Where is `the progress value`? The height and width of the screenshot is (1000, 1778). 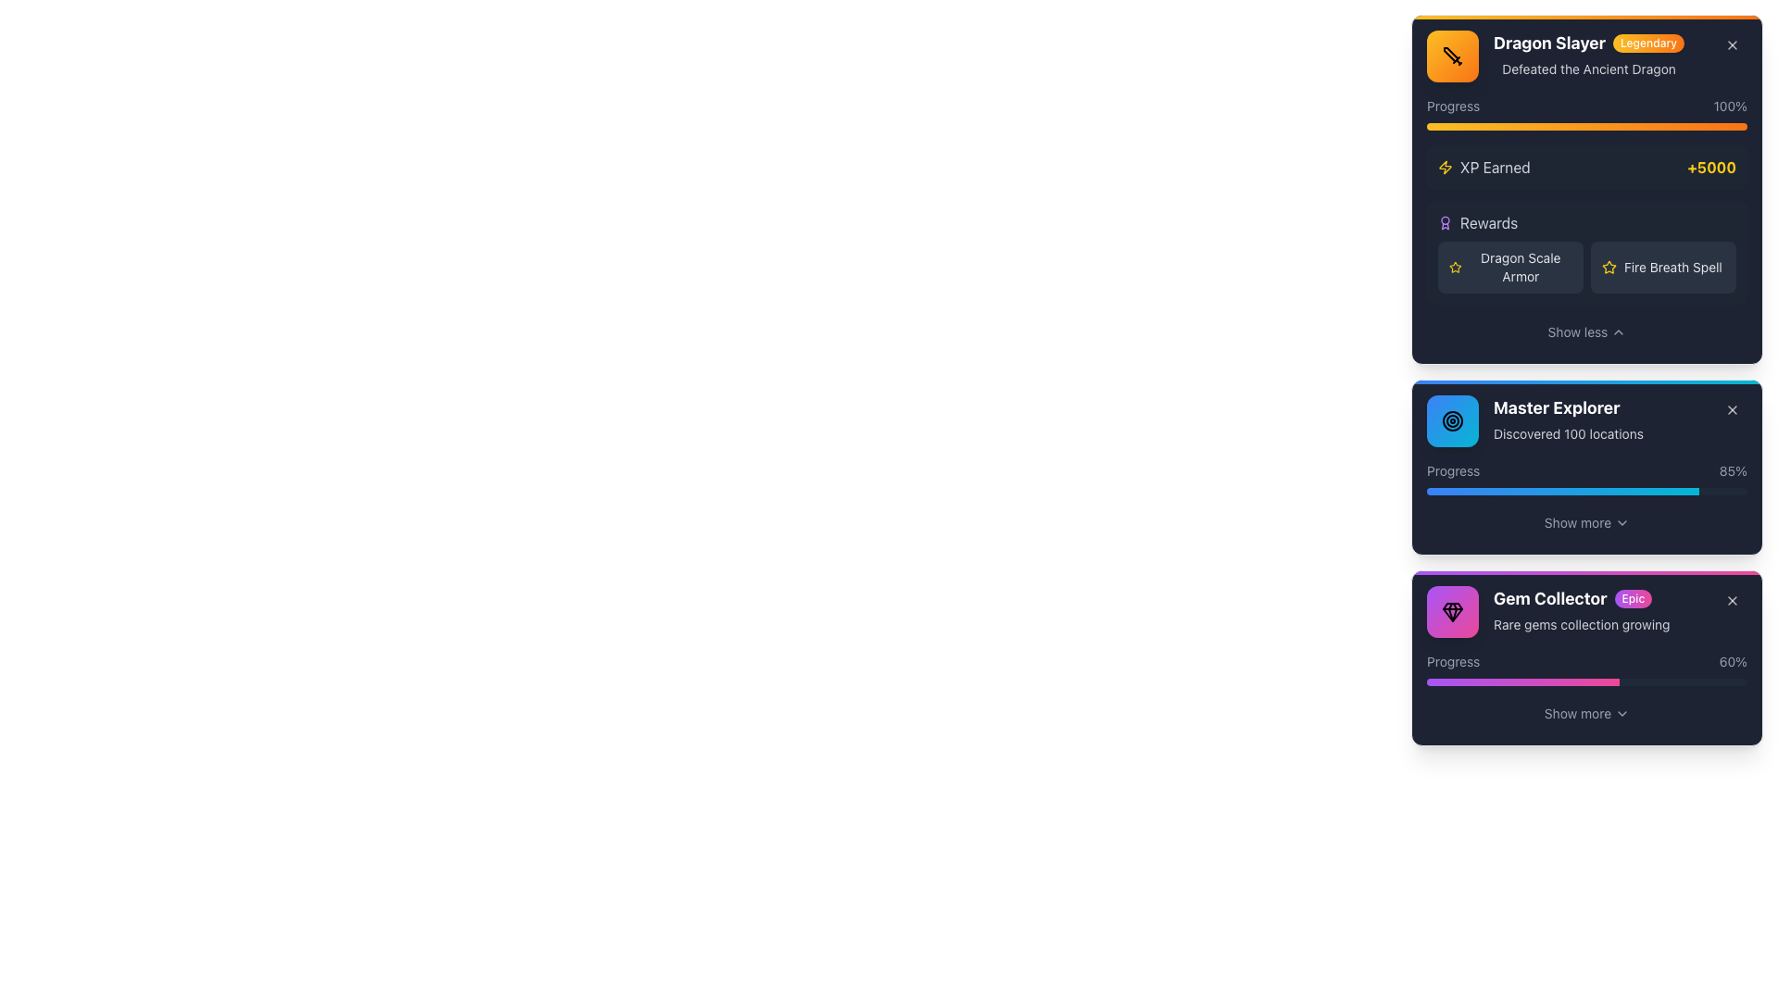
the progress value is located at coordinates (1432, 681).